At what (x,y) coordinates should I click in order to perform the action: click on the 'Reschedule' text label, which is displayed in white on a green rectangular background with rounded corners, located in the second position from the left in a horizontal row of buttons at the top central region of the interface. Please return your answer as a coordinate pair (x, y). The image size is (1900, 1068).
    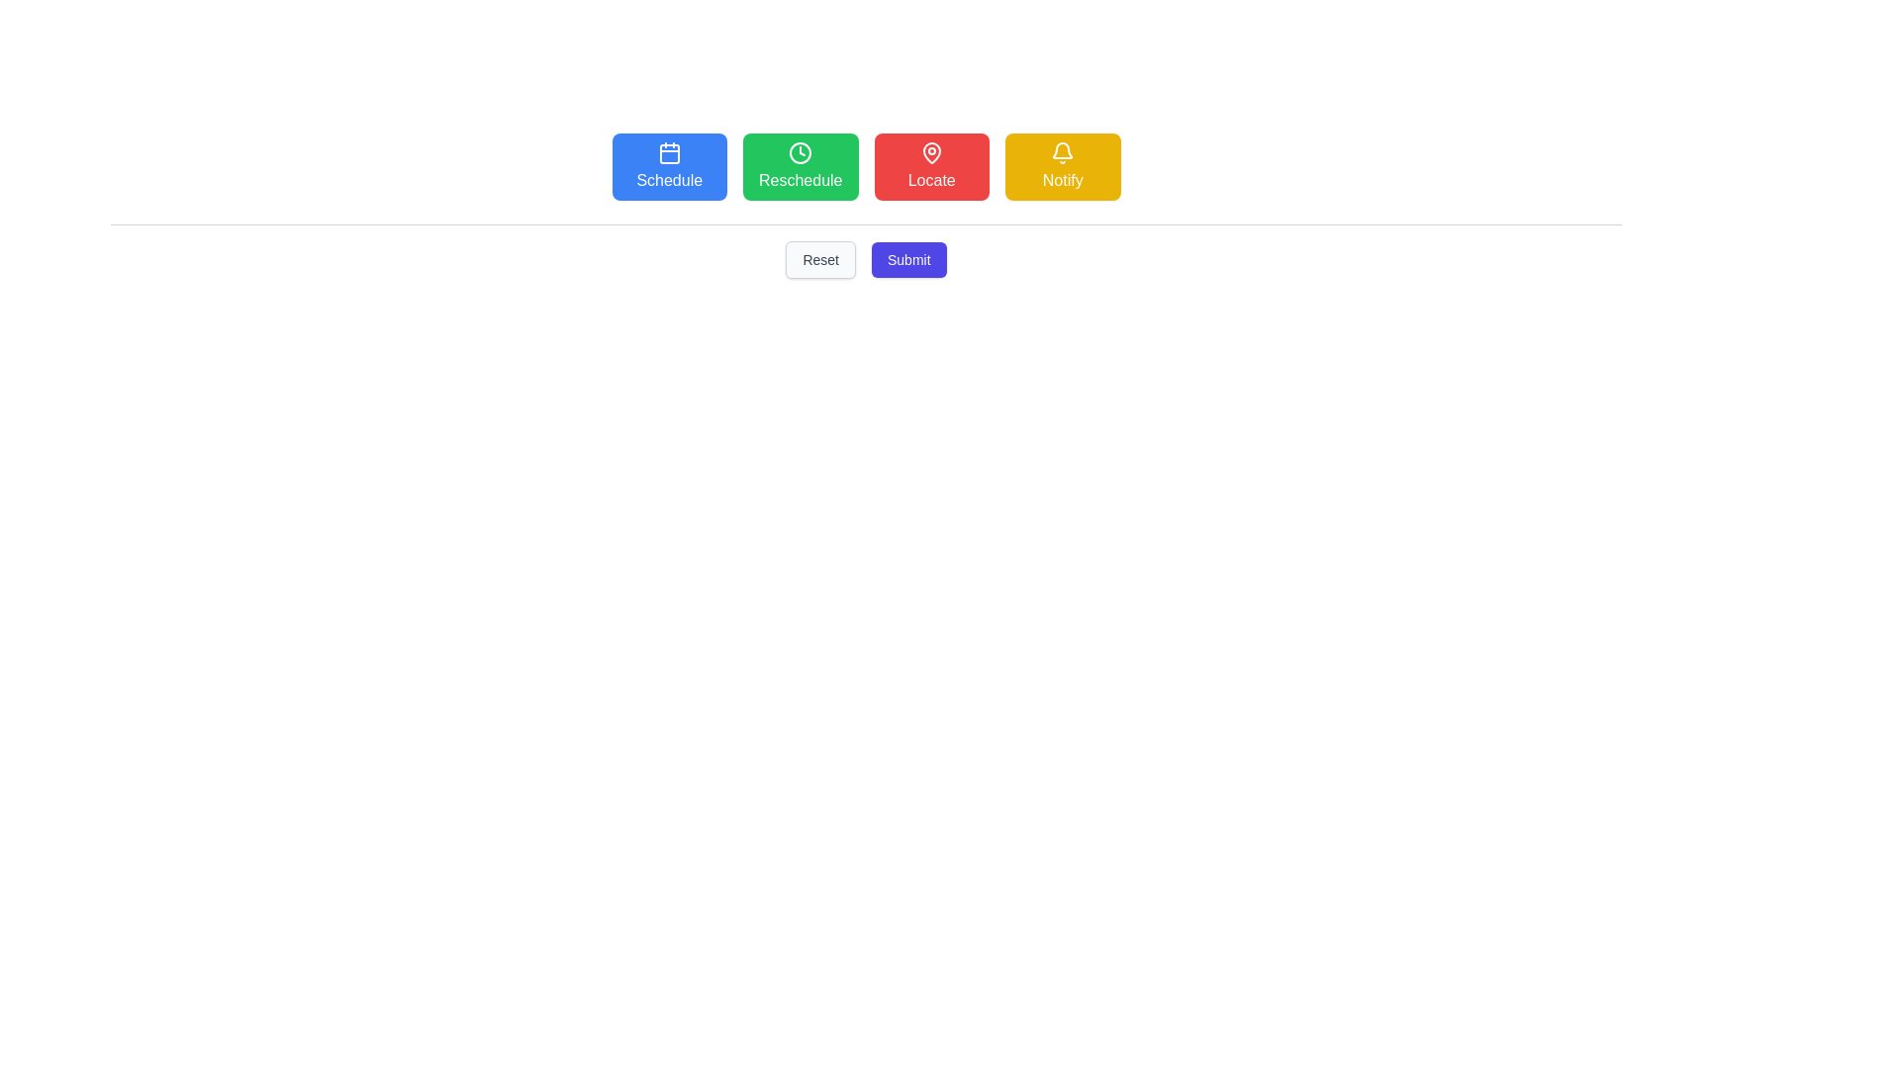
    Looking at the image, I should click on (801, 180).